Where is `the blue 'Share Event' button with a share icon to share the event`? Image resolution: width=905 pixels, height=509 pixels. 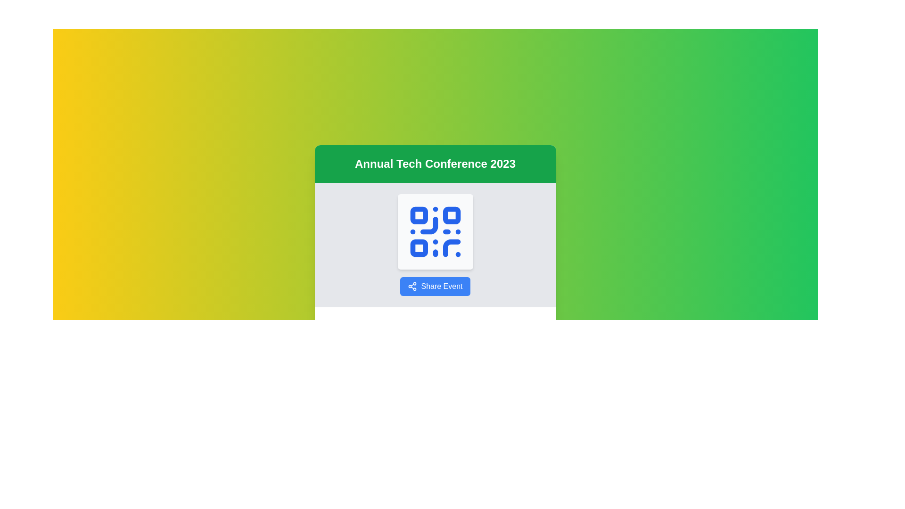
the blue 'Share Event' button with a share icon to share the event is located at coordinates (435, 286).